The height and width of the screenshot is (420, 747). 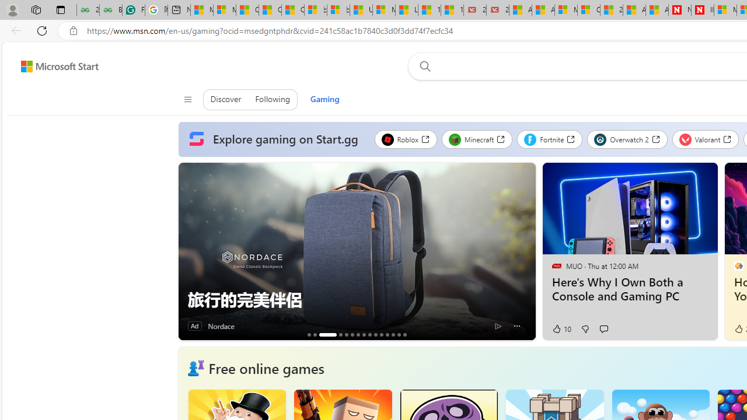 What do you see at coordinates (704, 139) in the screenshot?
I see `'Valorant'` at bounding box center [704, 139].